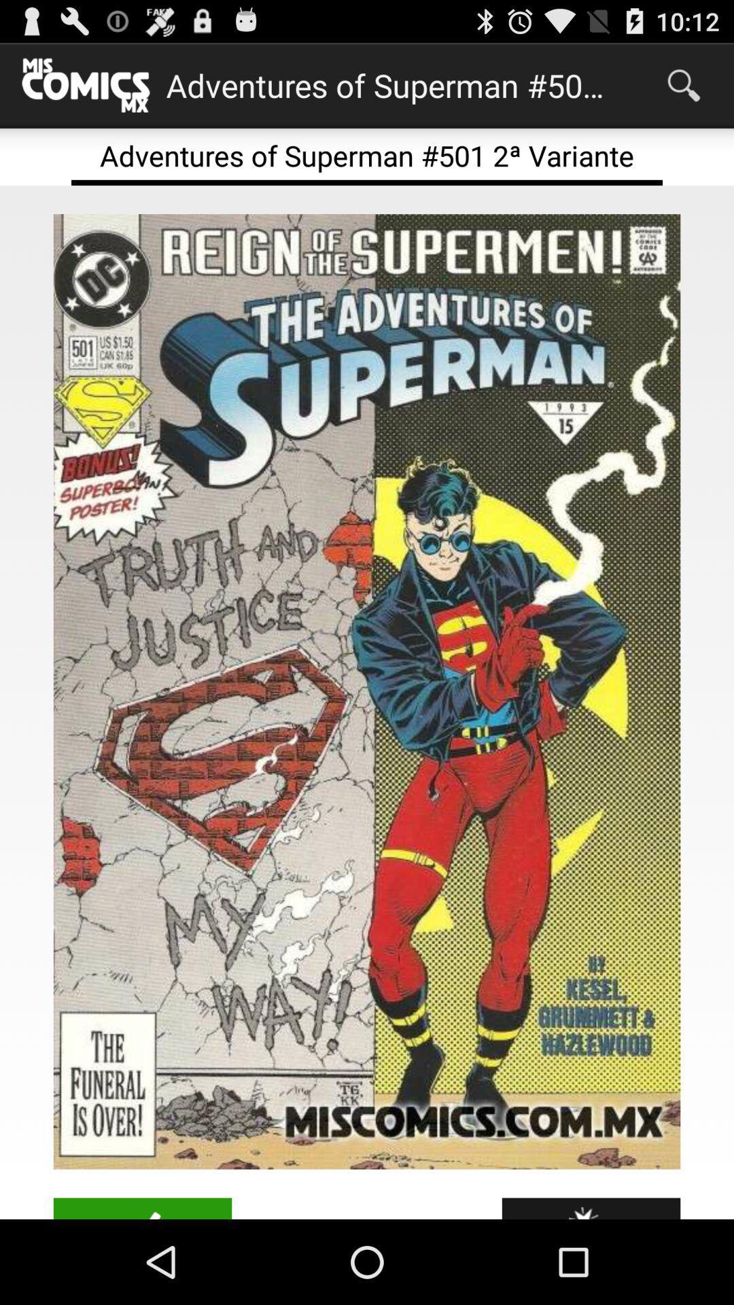 This screenshot has width=734, height=1305. What do you see at coordinates (367, 691) in the screenshot?
I see `display screen` at bounding box center [367, 691].